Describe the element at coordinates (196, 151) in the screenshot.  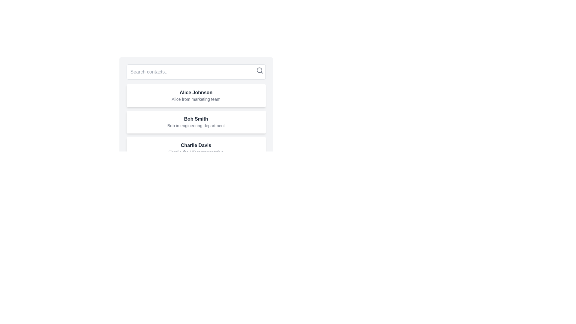
I see `the text element providing information about 'Charlie Davis', the HR representative, located within the third contact card below the header` at that location.